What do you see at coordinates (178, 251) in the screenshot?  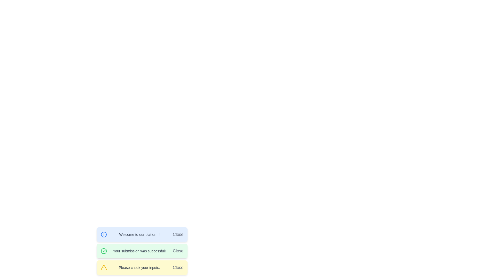 I see `the 'Close' button, which is styled in gray and positioned to the far right of the green notification bar` at bounding box center [178, 251].